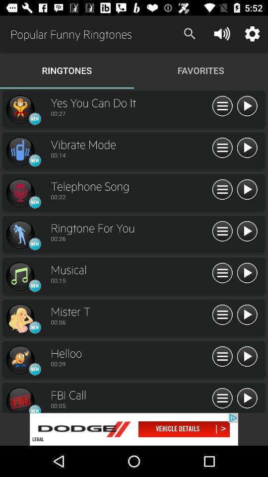  I want to click on menu page, so click(222, 273).